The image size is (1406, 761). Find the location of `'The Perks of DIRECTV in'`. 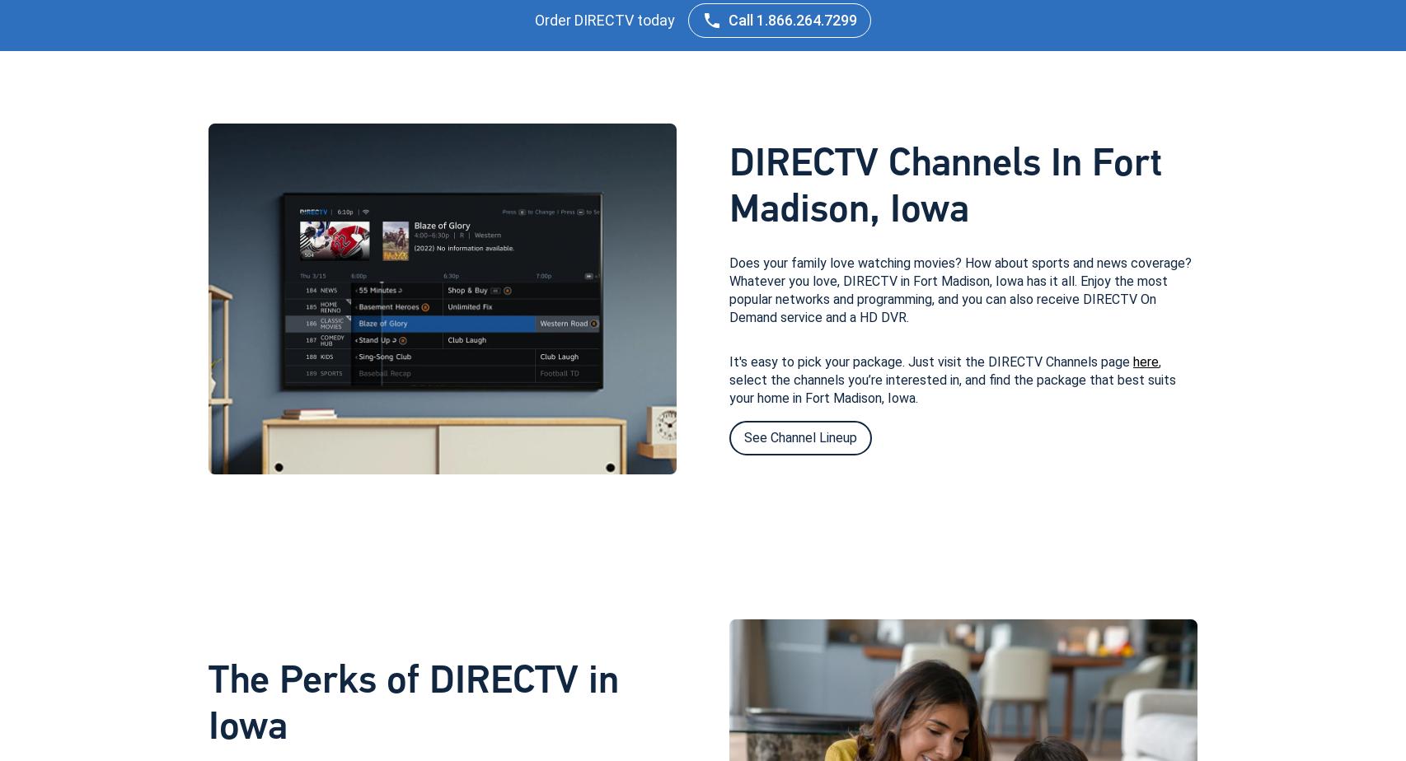

'The Perks of DIRECTV in' is located at coordinates (413, 681).